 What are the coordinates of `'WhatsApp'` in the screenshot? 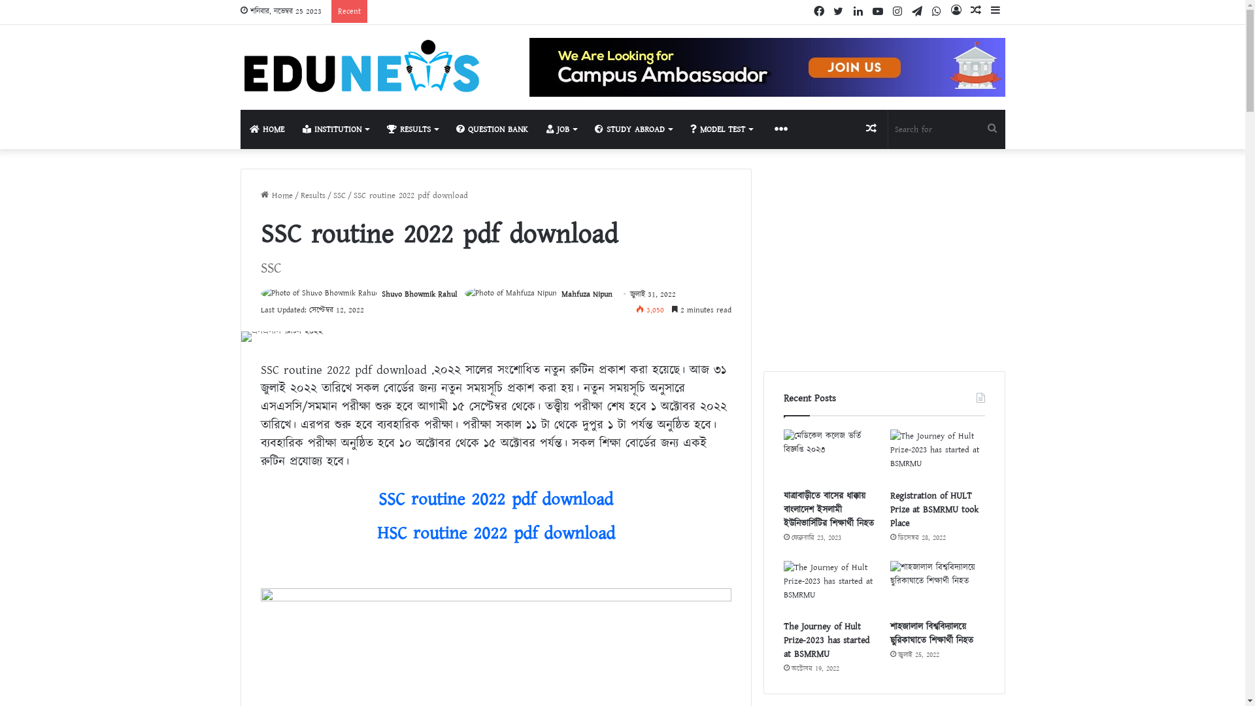 It's located at (936, 12).